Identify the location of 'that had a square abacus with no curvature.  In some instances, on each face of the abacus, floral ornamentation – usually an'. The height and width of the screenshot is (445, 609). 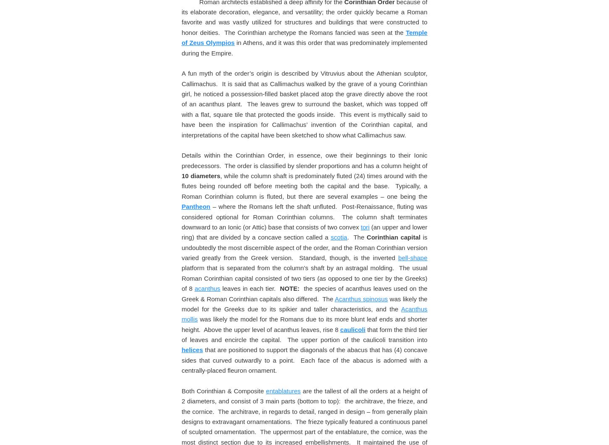
(304, 11).